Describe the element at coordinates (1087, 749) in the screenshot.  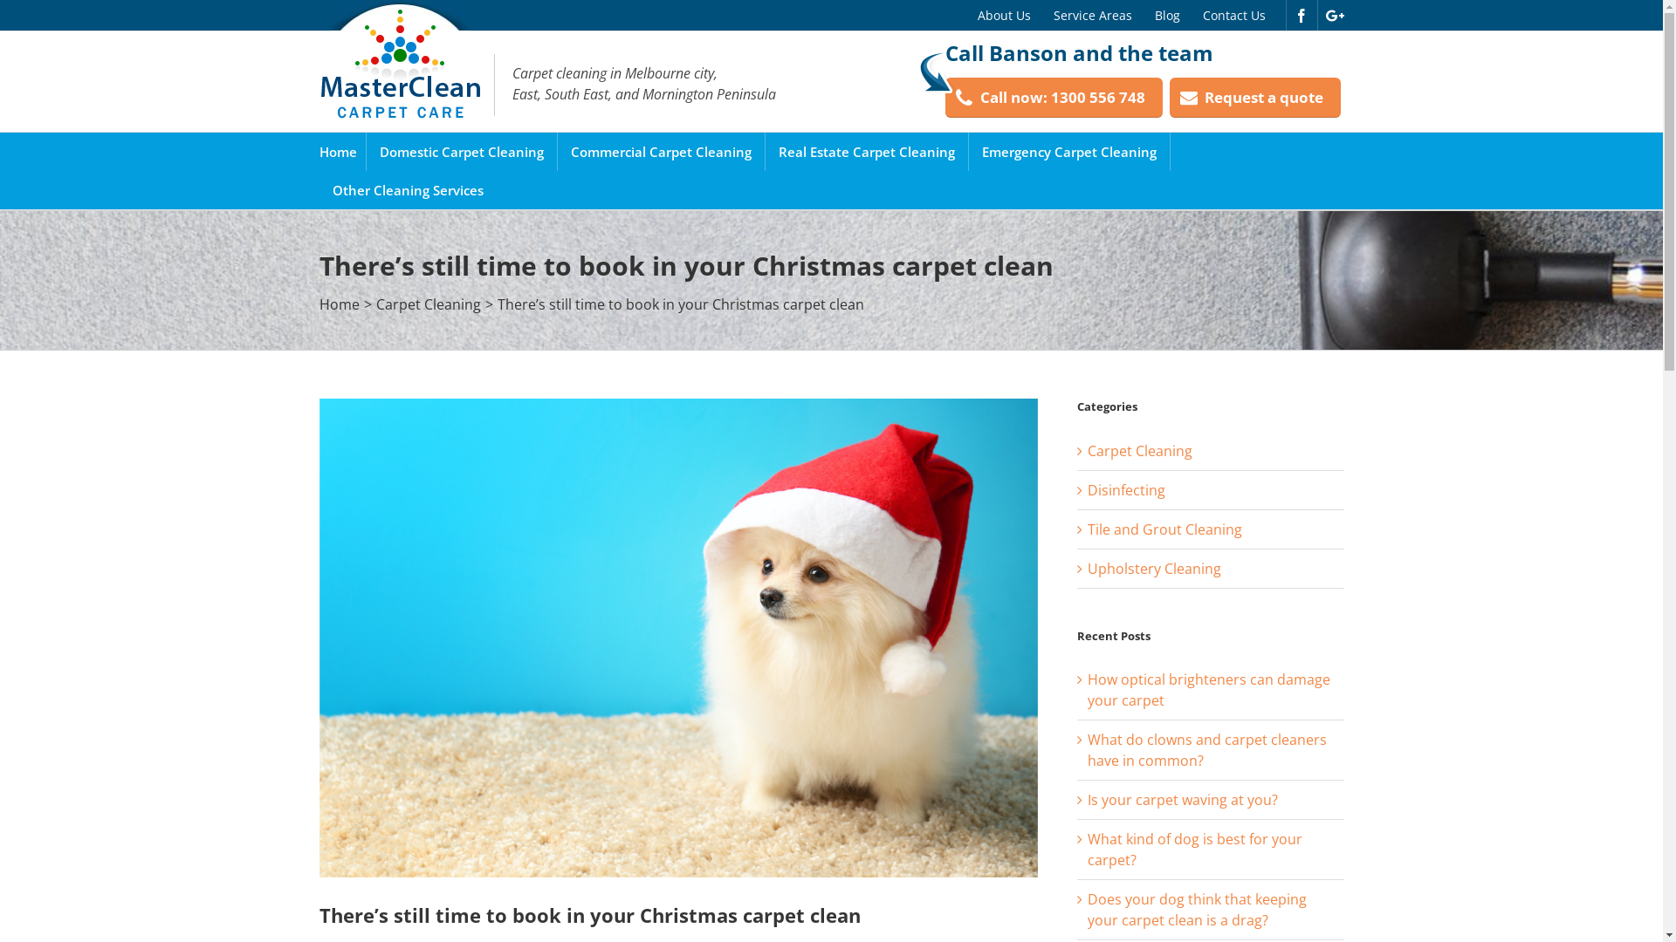
I see `'What do clowns and carpet cleaners have in common?'` at that location.